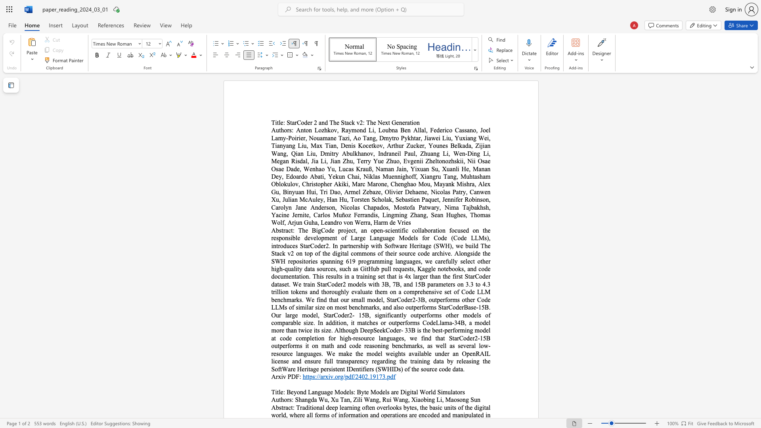  I want to click on the subset text "are Digital" within the text "Beyond Language Models: Byte Models are Digital World Simulators", so click(391, 392).